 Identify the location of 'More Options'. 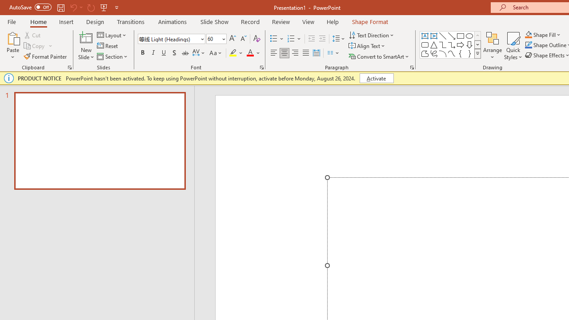
(548, 34).